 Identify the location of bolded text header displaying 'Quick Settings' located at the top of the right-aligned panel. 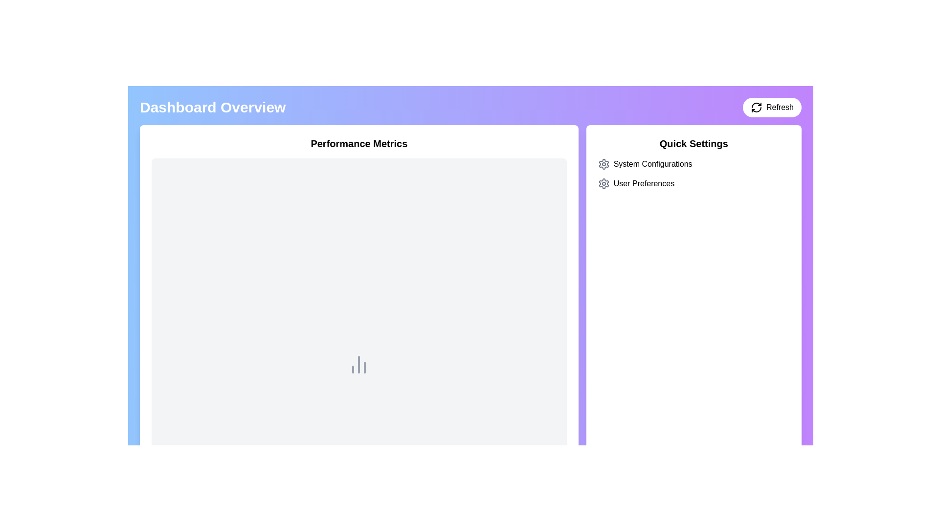
(693, 143).